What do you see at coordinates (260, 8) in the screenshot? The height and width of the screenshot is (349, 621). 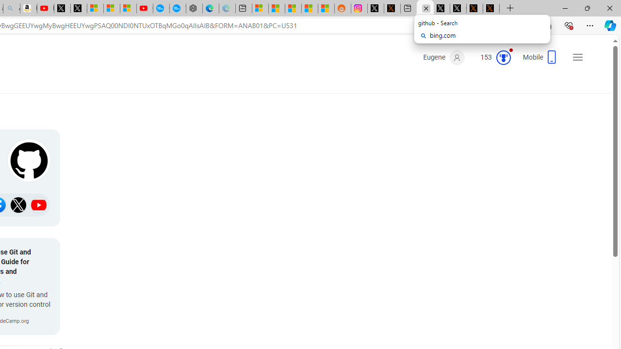 I see `'Microsoft account | Microsoft Account Privacy Settings'` at bounding box center [260, 8].